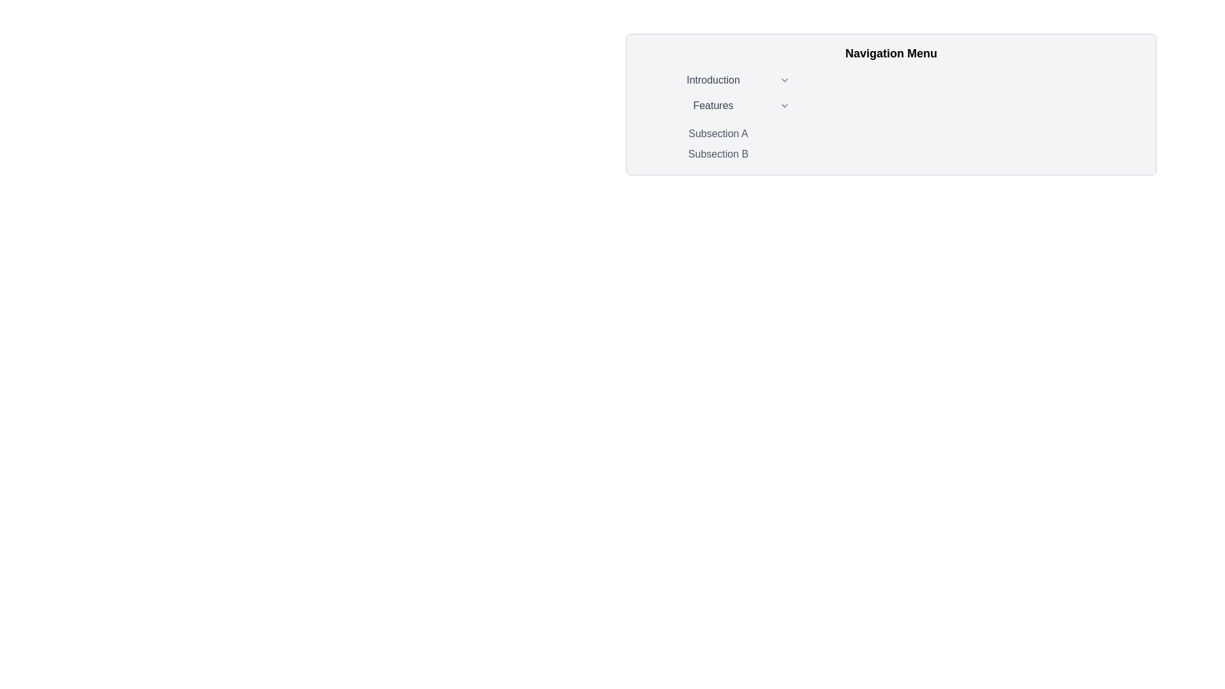 The image size is (1225, 689). Describe the element at coordinates (718, 133) in the screenshot. I see `the first hyperlink in the 'Navigation Menu' dropdown that redirects to 'Subsection A' to change its background color` at that location.